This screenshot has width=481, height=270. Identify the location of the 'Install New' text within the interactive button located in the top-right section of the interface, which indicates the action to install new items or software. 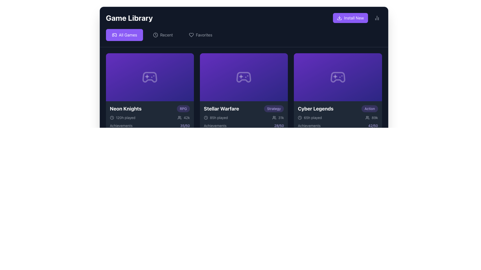
(353, 18).